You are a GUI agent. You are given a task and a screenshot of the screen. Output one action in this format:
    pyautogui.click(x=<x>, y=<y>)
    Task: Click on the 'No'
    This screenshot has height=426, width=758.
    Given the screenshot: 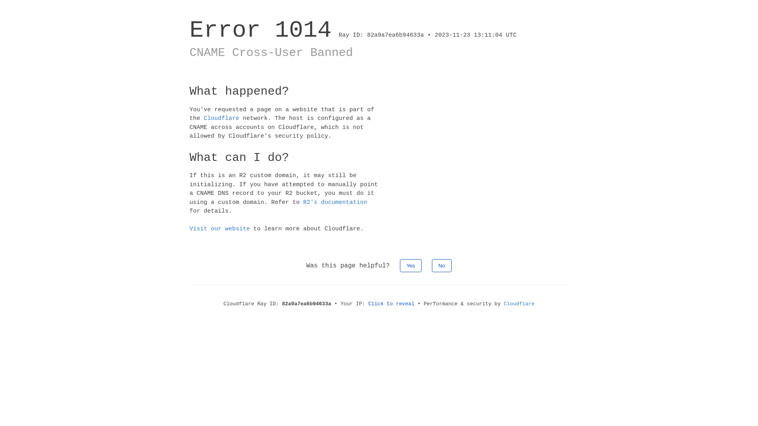 What is the action you would take?
    pyautogui.click(x=441, y=265)
    